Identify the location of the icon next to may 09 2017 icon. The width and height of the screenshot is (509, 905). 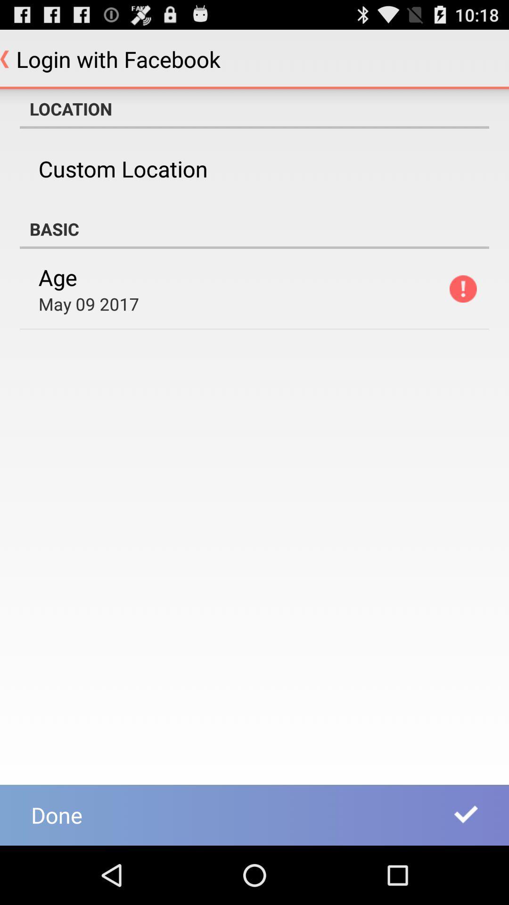
(462, 288).